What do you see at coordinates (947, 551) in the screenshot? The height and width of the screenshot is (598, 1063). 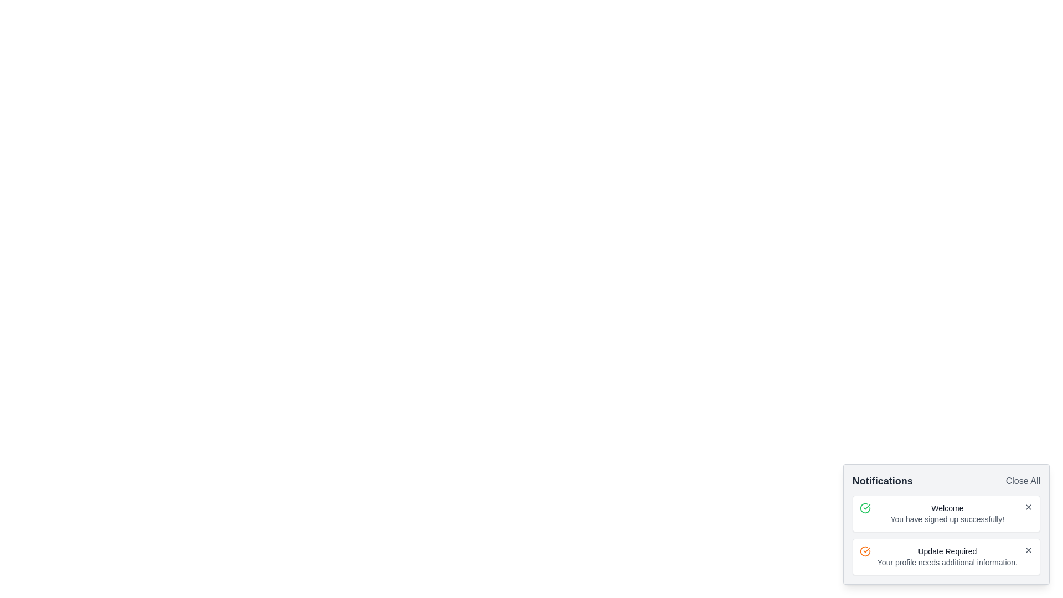 I see `the informational text label notifying users of an update requirement related to their profile, located in the Notifications section of the interface` at bounding box center [947, 551].